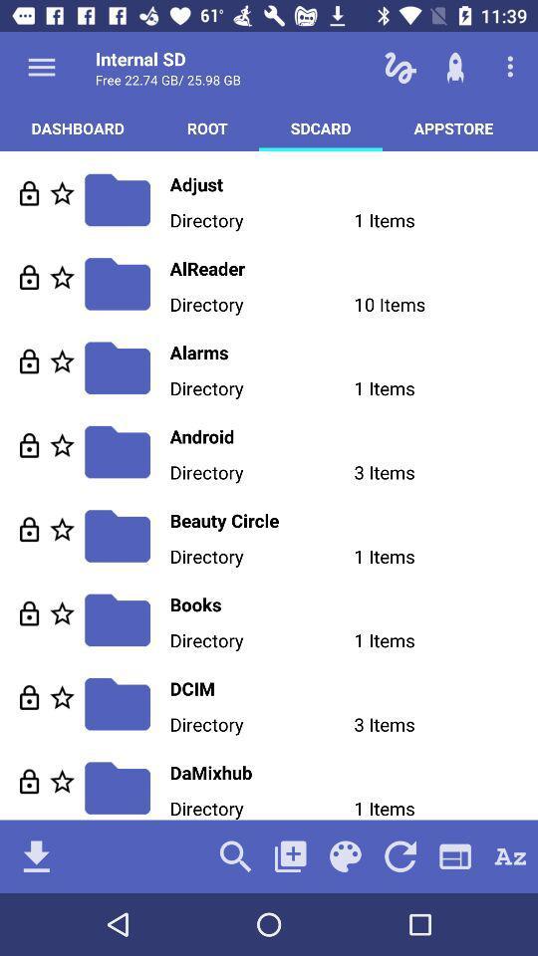 This screenshot has height=956, width=538. What do you see at coordinates (28, 612) in the screenshot?
I see `lagk` at bounding box center [28, 612].